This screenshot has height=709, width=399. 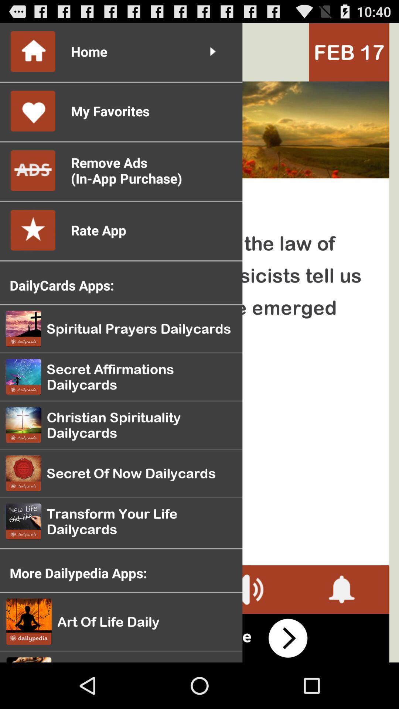 I want to click on the home icon, so click(x=24, y=55).